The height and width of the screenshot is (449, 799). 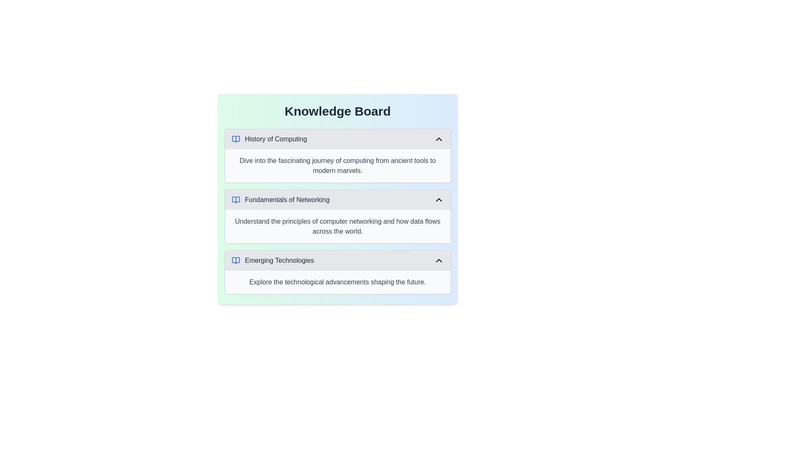 What do you see at coordinates (273, 260) in the screenshot?
I see `the 'Emerging Technologies' label which features a blue icon resembling an open book, located in the 'Knowledge Board' interface` at bounding box center [273, 260].